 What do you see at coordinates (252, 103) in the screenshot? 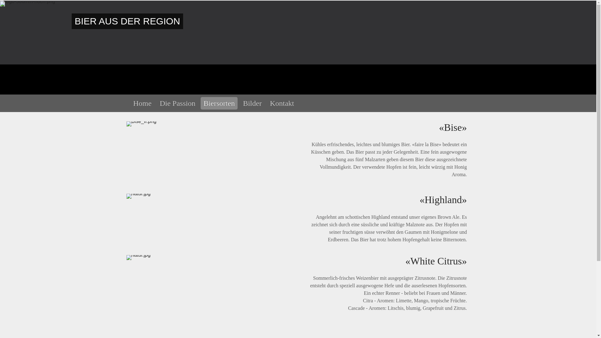
I see `'Bilder'` at bounding box center [252, 103].